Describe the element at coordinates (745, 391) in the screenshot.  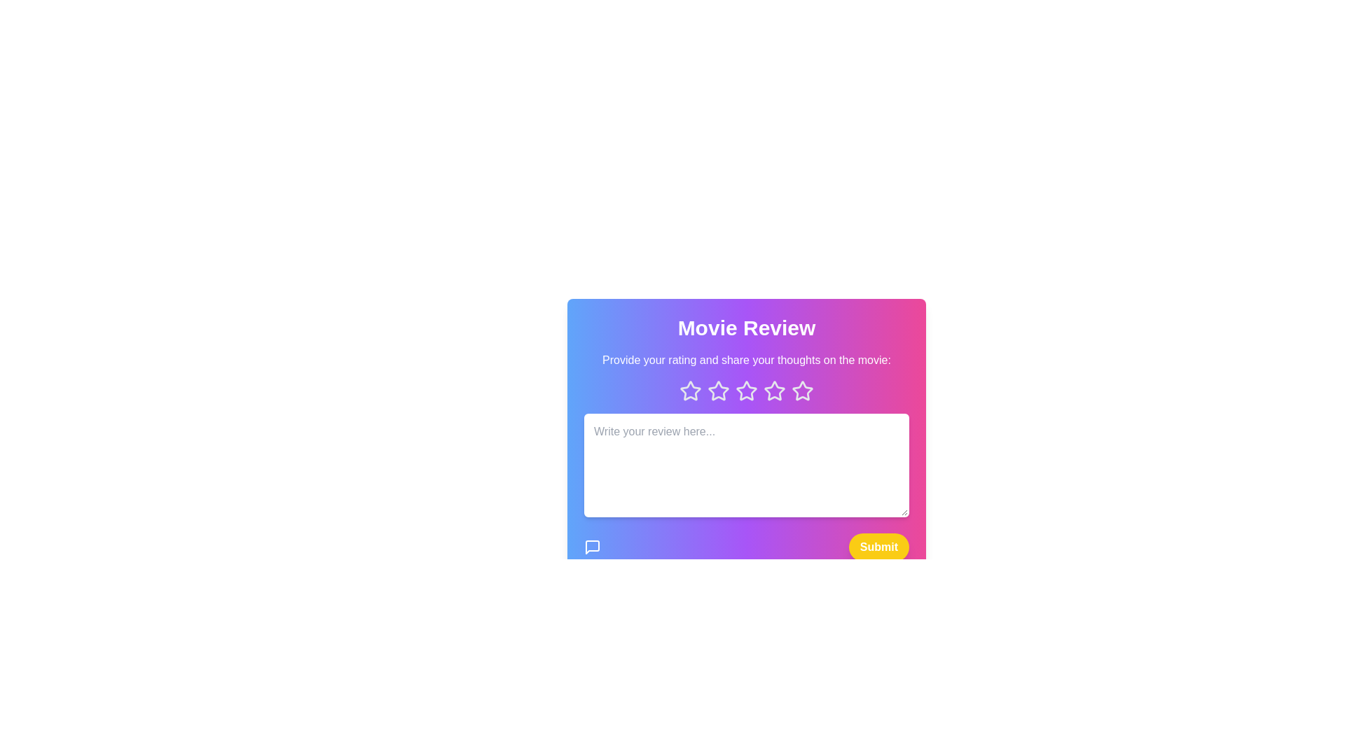
I see `the star icon corresponding to 3 to preview the rating` at that location.